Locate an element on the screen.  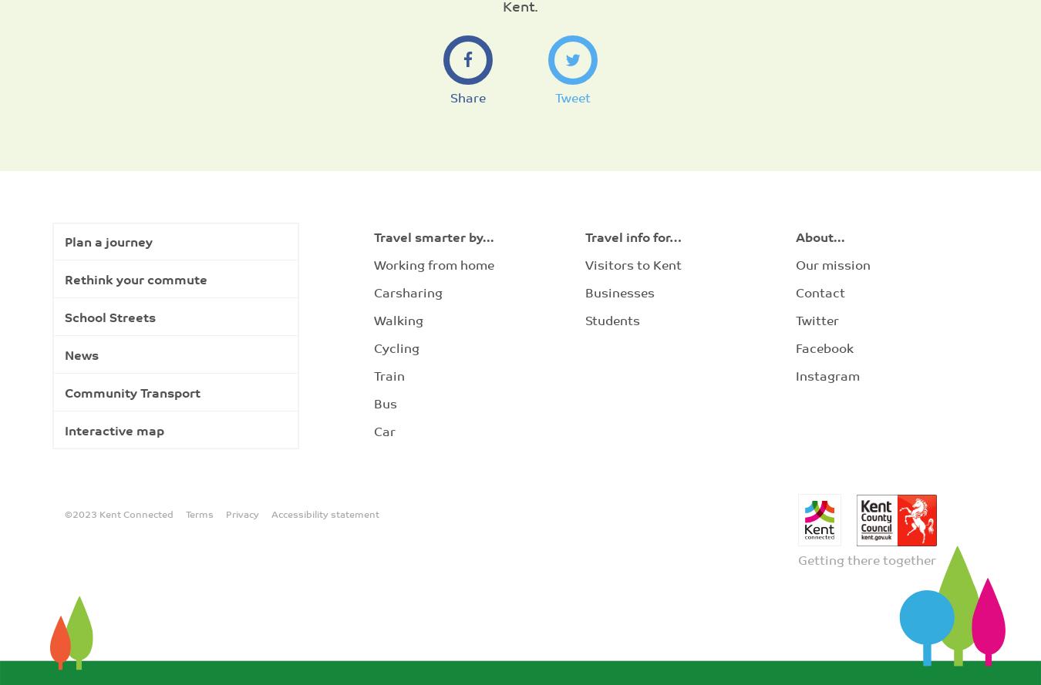
'Plan a journey' is located at coordinates (63, 241).